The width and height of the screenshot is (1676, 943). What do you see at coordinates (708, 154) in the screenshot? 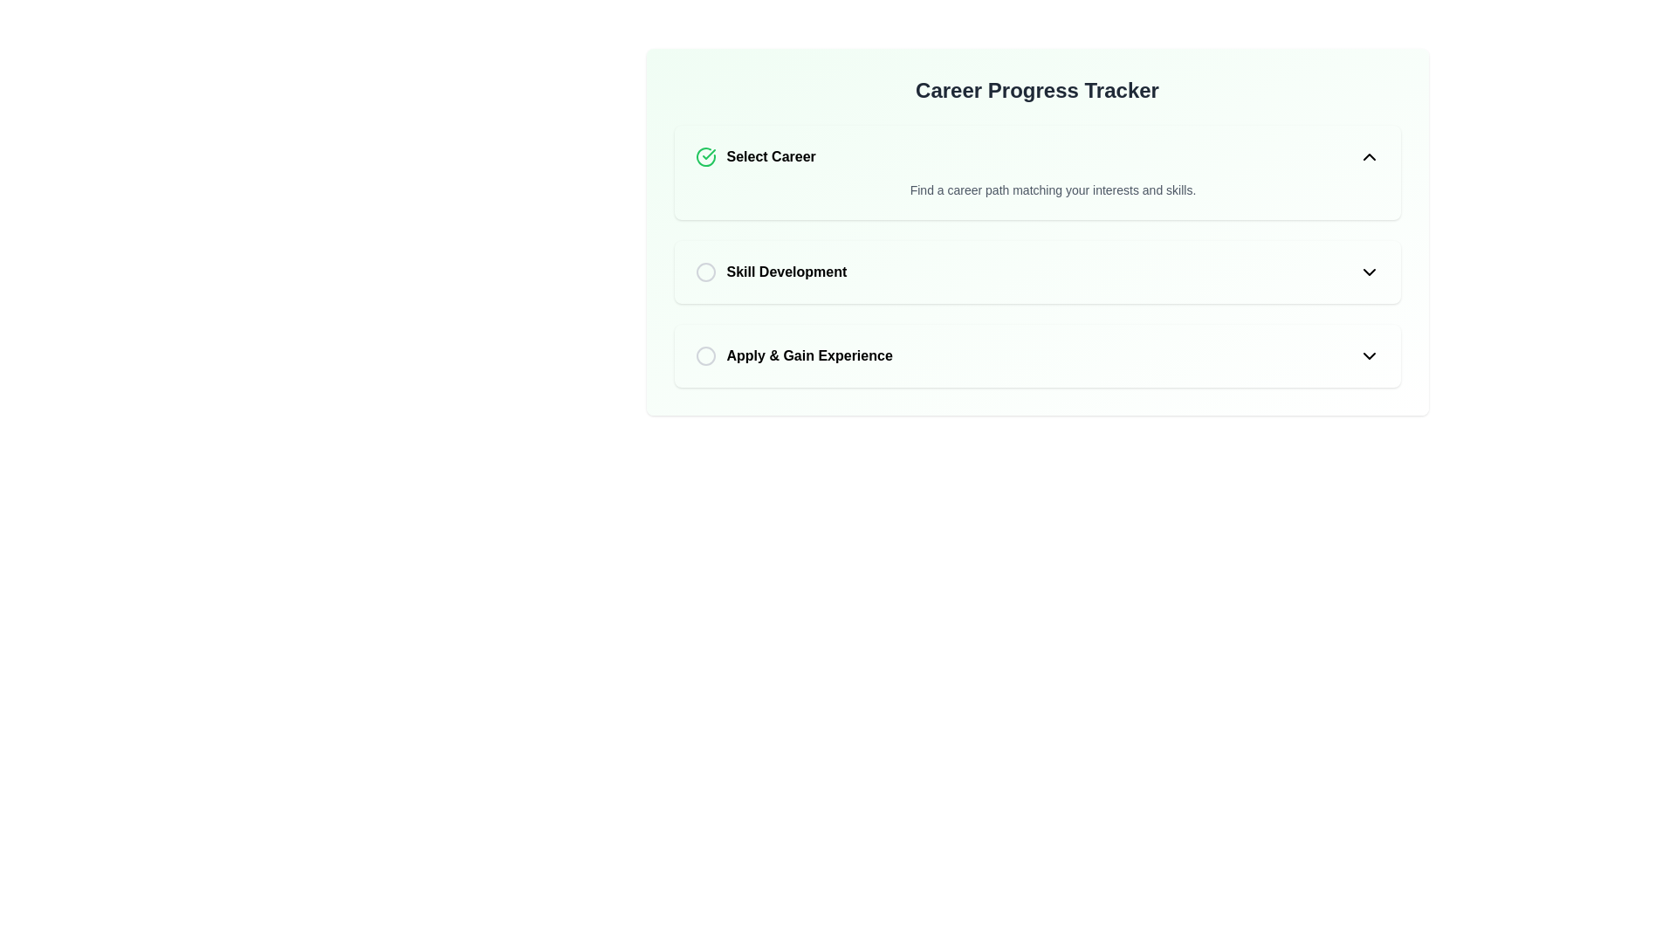
I see `the green checkmark icon in the 'Select Career' section, which indicates a positive action or completion` at bounding box center [708, 154].